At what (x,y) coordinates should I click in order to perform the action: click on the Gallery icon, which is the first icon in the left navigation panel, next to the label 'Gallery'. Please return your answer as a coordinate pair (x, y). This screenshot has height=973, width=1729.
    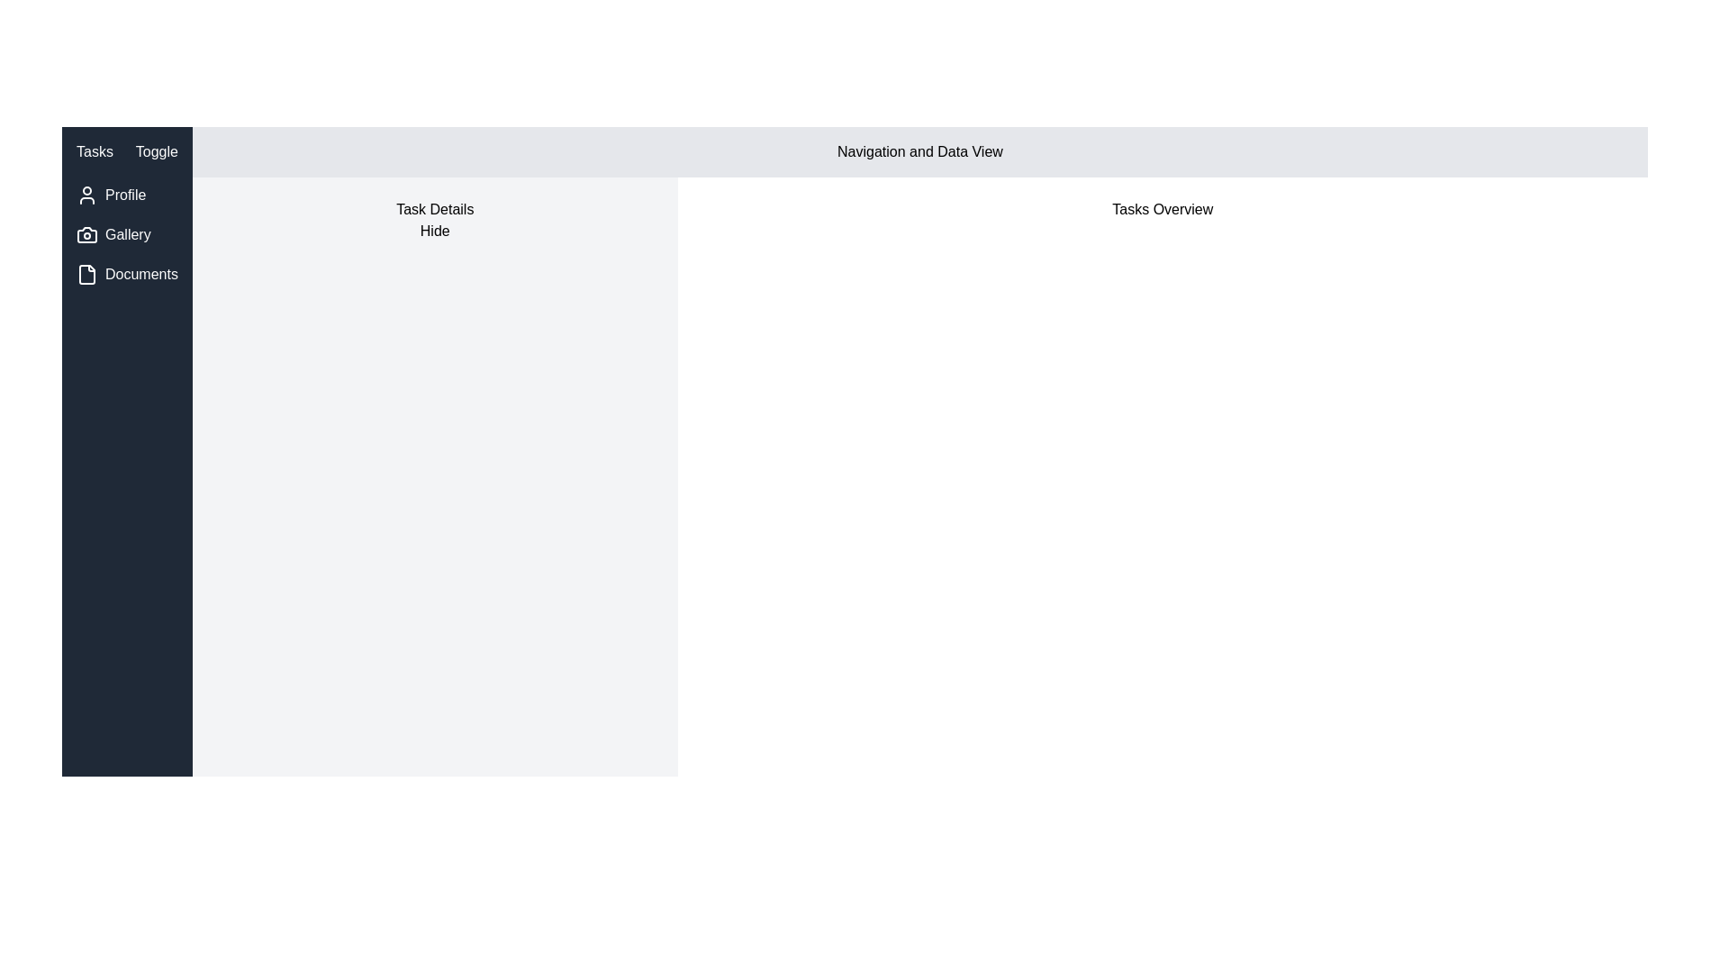
    Looking at the image, I should click on (86, 234).